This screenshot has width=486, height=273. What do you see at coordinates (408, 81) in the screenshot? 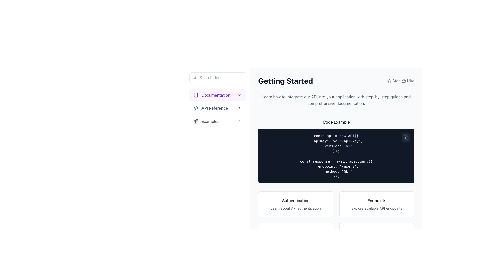
I see `the 'Like' button located in the top-right corner of the 'Getting Started' section to change its color` at bounding box center [408, 81].